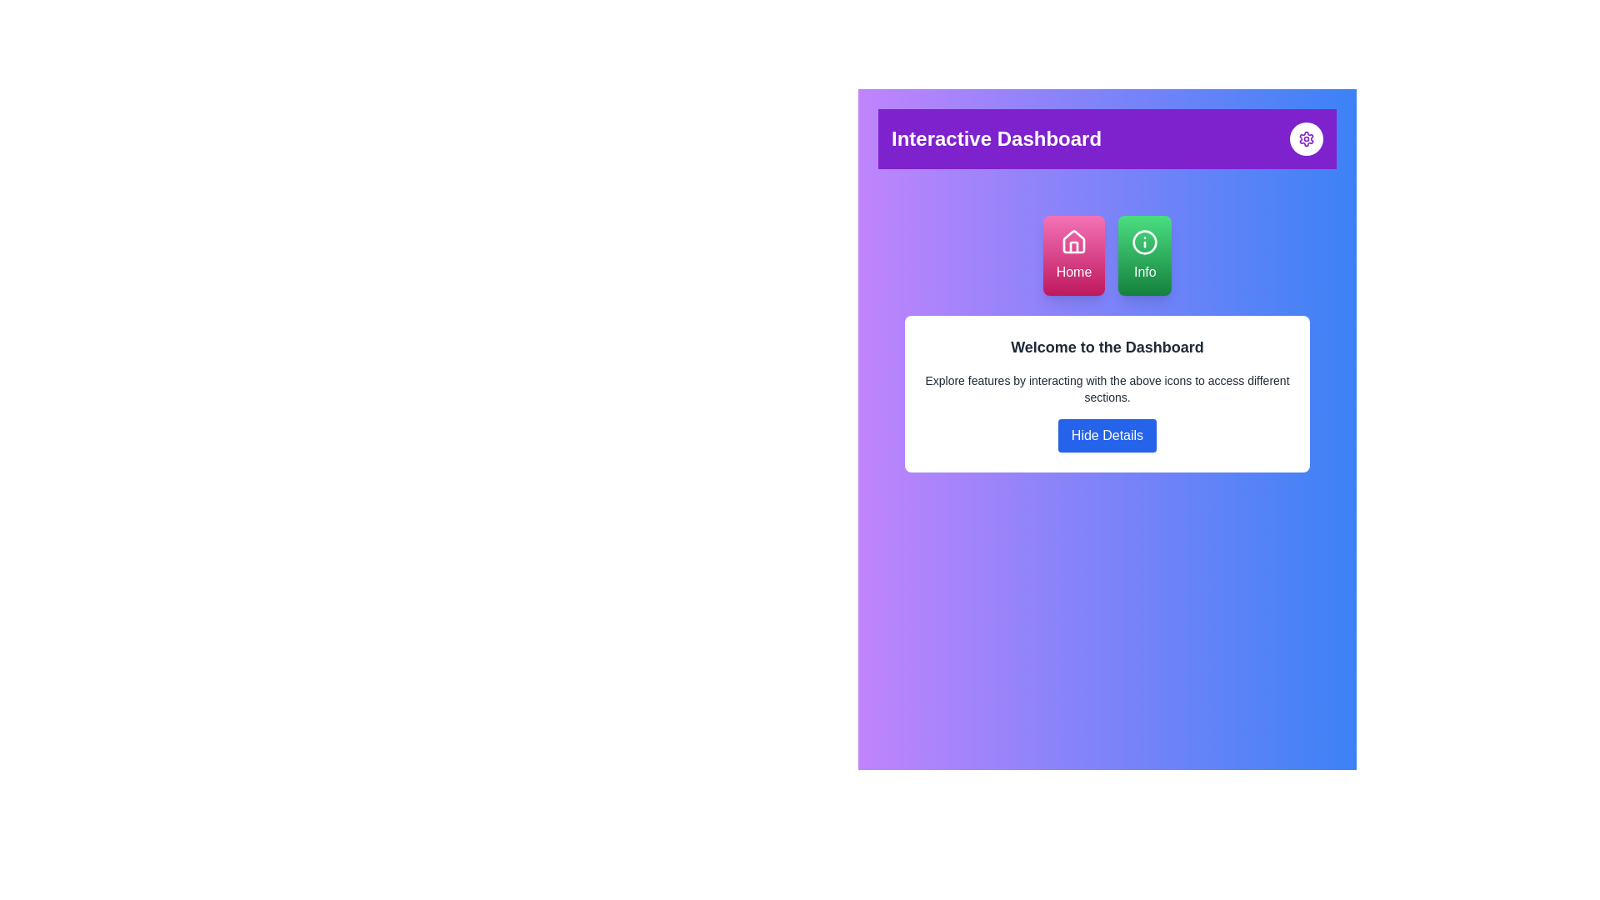  Describe the element at coordinates (1306, 137) in the screenshot. I see `the cogwheel icon in the top-right corner of the interface, which represents settings` at that location.